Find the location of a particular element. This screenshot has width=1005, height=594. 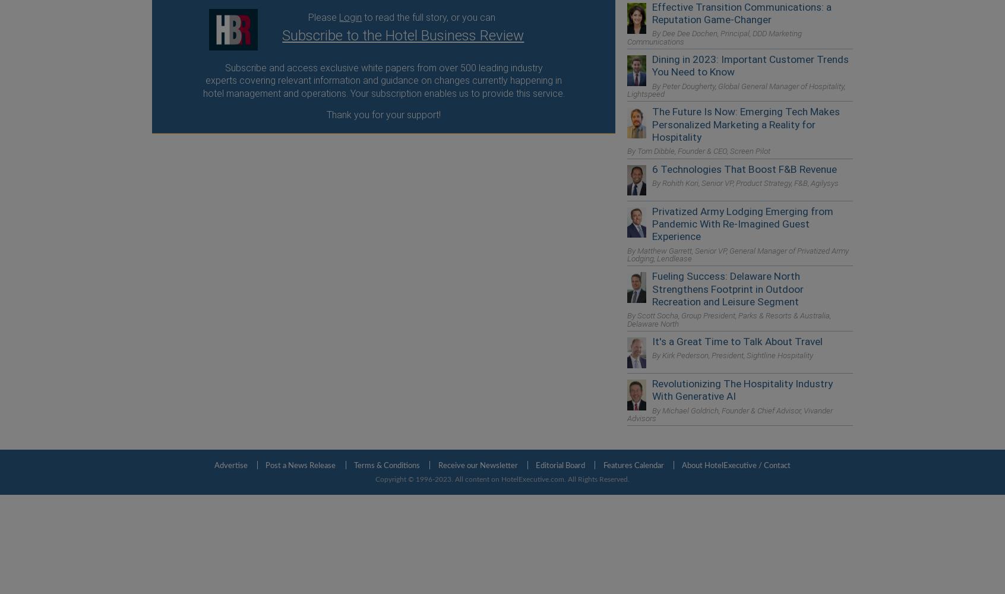

'Please' is located at coordinates (323, 17).